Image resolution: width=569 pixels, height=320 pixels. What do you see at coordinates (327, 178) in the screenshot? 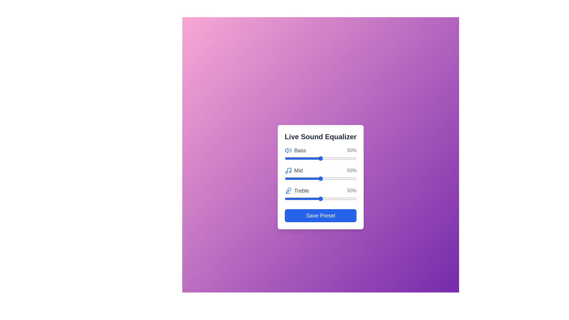
I see `the 'Mid' slider to 60%` at bounding box center [327, 178].